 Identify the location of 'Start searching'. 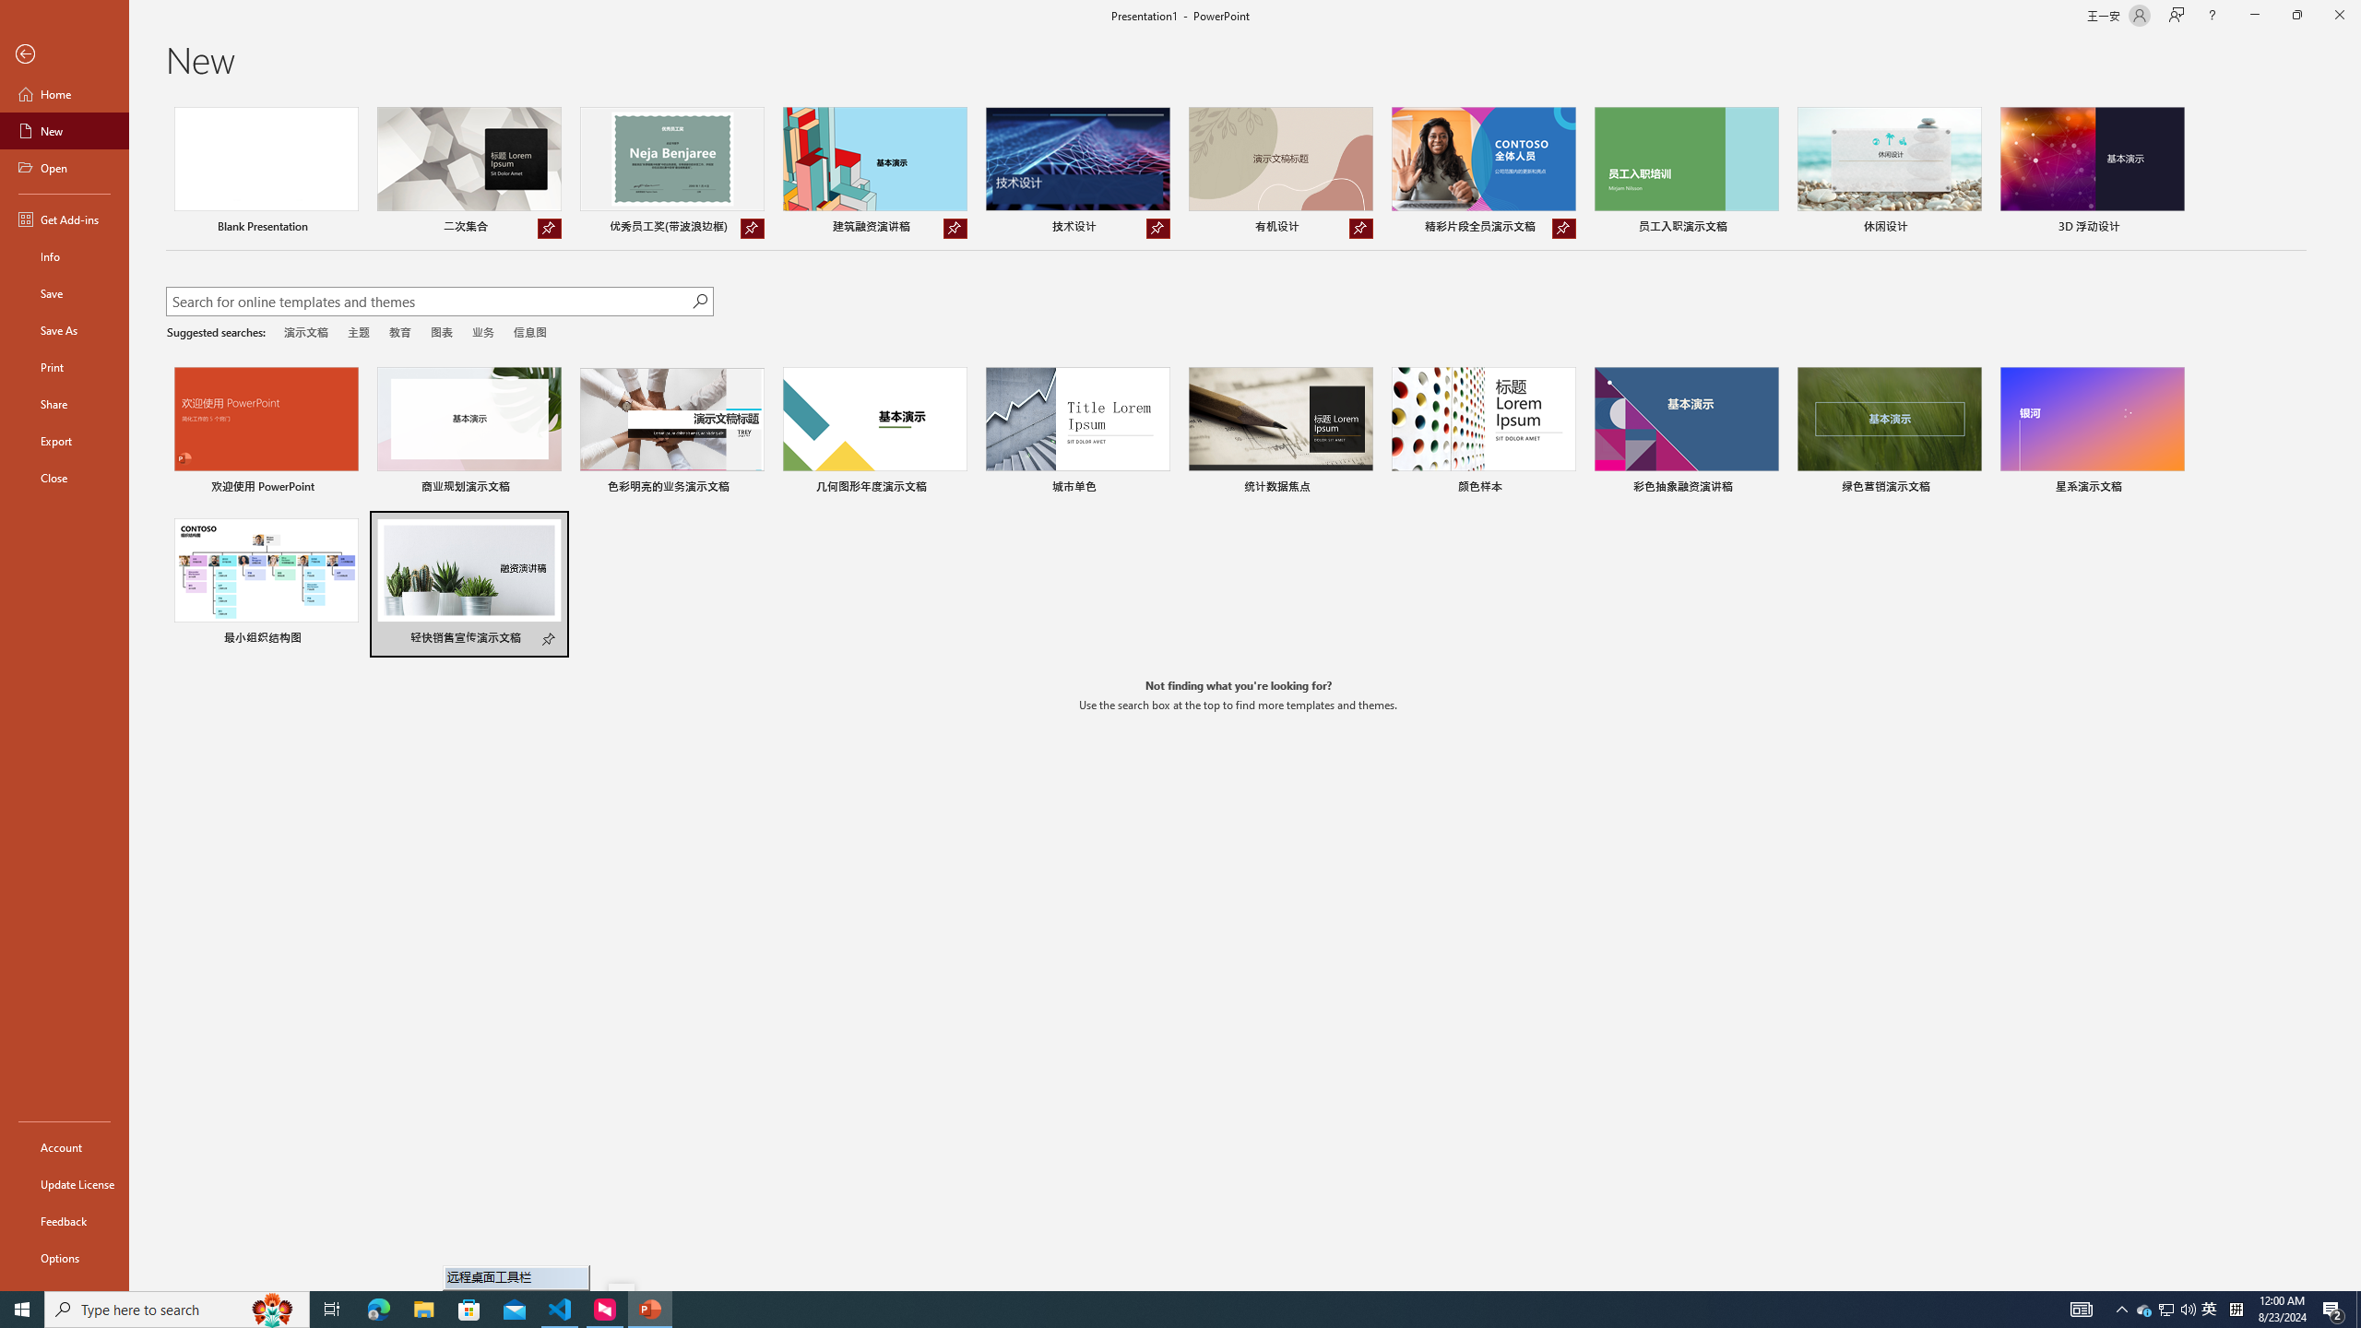
(699, 301).